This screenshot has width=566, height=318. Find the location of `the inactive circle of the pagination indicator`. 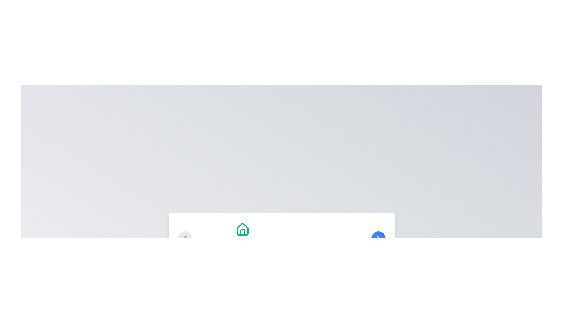

the inactive circle of the pagination indicator is located at coordinates (281, 263).